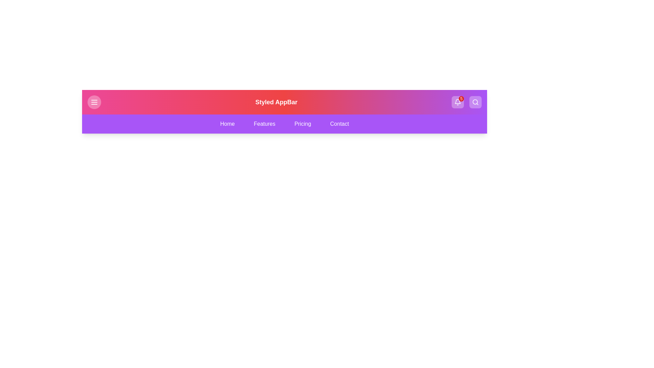 The width and height of the screenshot is (654, 368). What do you see at coordinates (227, 124) in the screenshot?
I see `the navigation tab labeled Home` at bounding box center [227, 124].